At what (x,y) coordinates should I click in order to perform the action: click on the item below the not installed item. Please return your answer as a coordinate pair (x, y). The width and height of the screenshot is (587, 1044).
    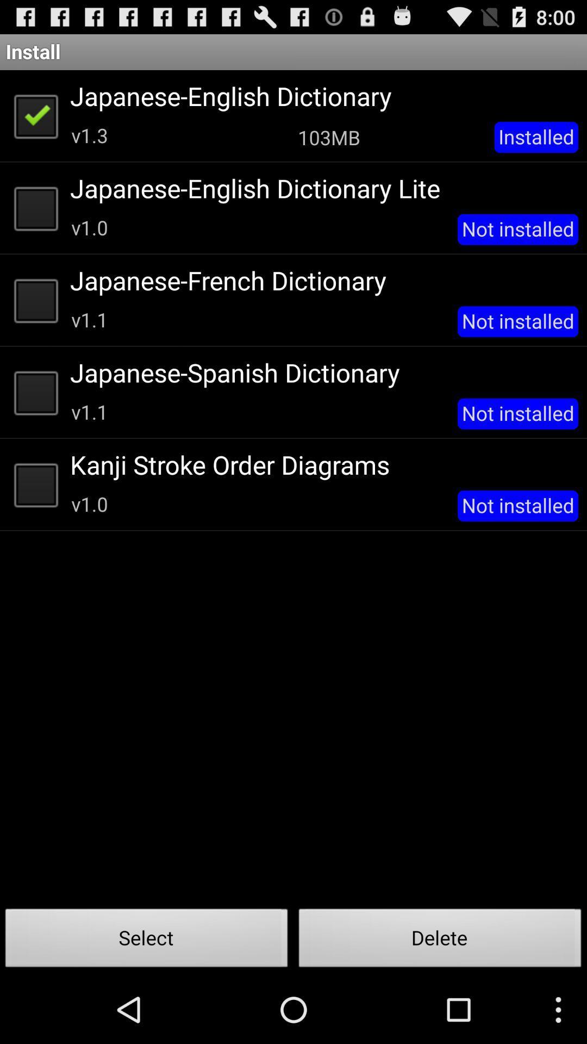
    Looking at the image, I should click on (440, 941).